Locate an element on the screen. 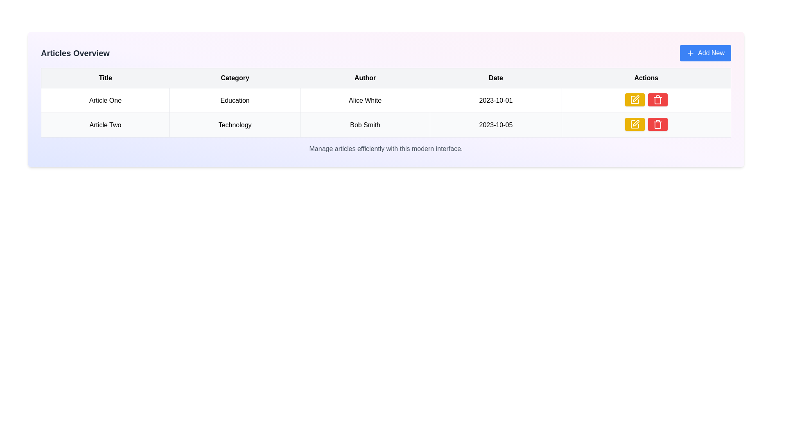 The width and height of the screenshot is (786, 442). the 'Delete' button located in the 'Actions' column of the second row in the table is located at coordinates (658, 124).